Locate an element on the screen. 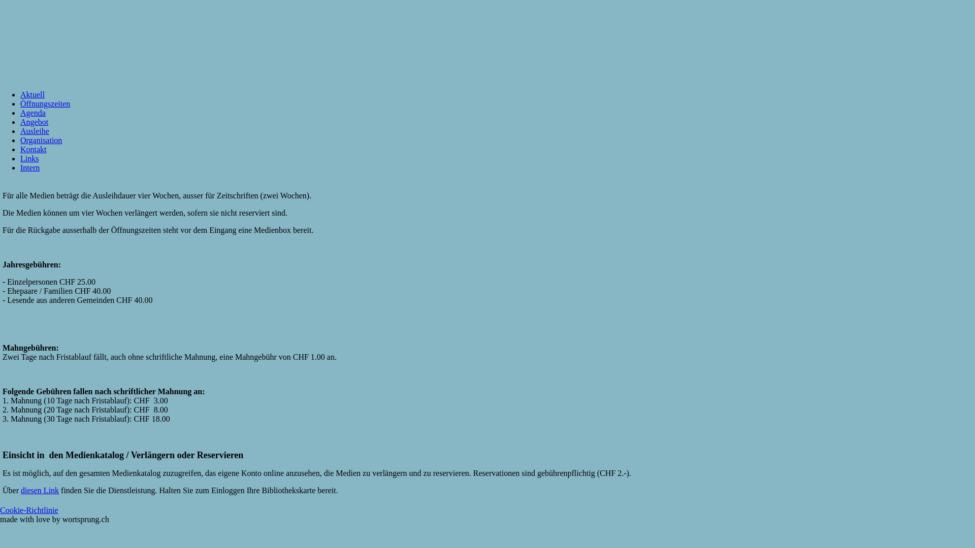 The height and width of the screenshot is (548, 975). 'Angebot' is located at coordinates (20, 121).